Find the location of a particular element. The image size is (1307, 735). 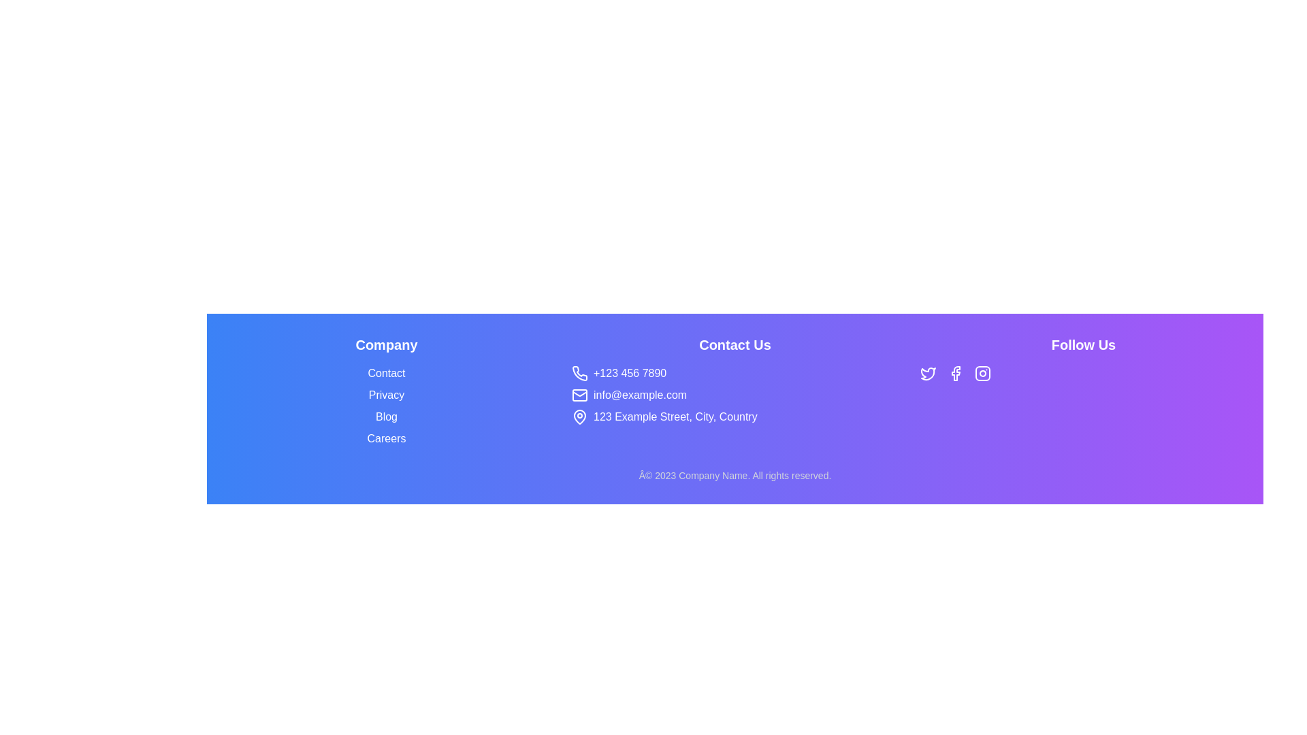

the contact number associated with the phone-shaped icon located in the 'Contact Us' section of the footer, positioned next to the text '+123 456 7890' is located at coordinates (580, 373).